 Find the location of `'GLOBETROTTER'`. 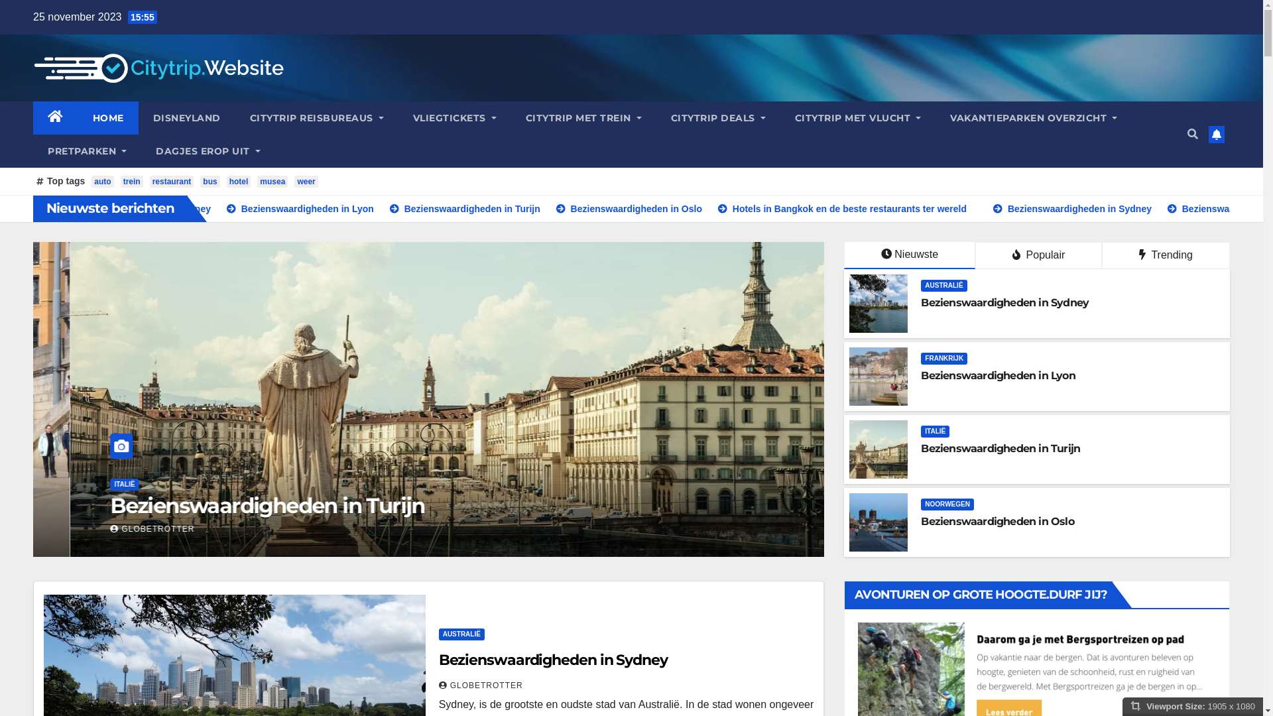

'GLOBETROTTER' is located at coordinates (480, 685).